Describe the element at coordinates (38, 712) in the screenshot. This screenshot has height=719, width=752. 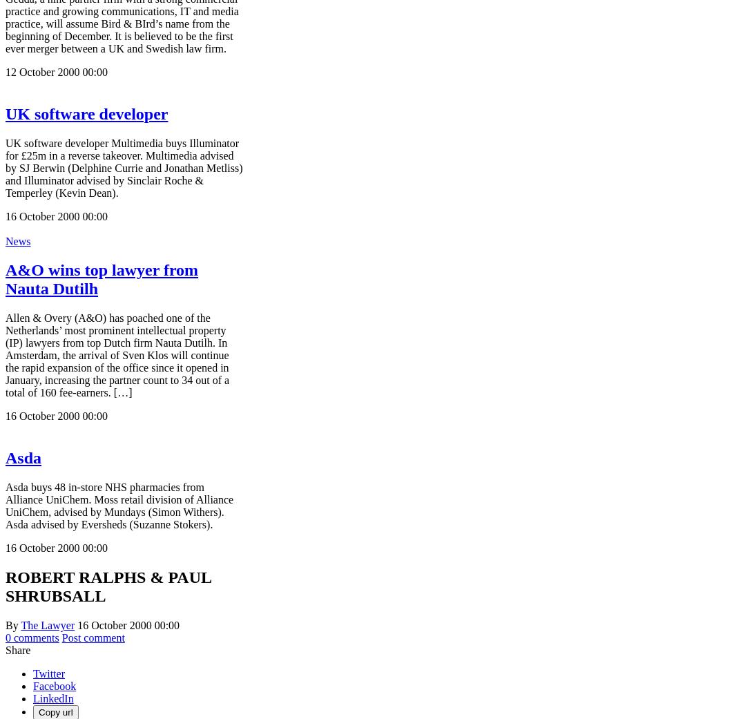
I see `'Copy url'` at that location.